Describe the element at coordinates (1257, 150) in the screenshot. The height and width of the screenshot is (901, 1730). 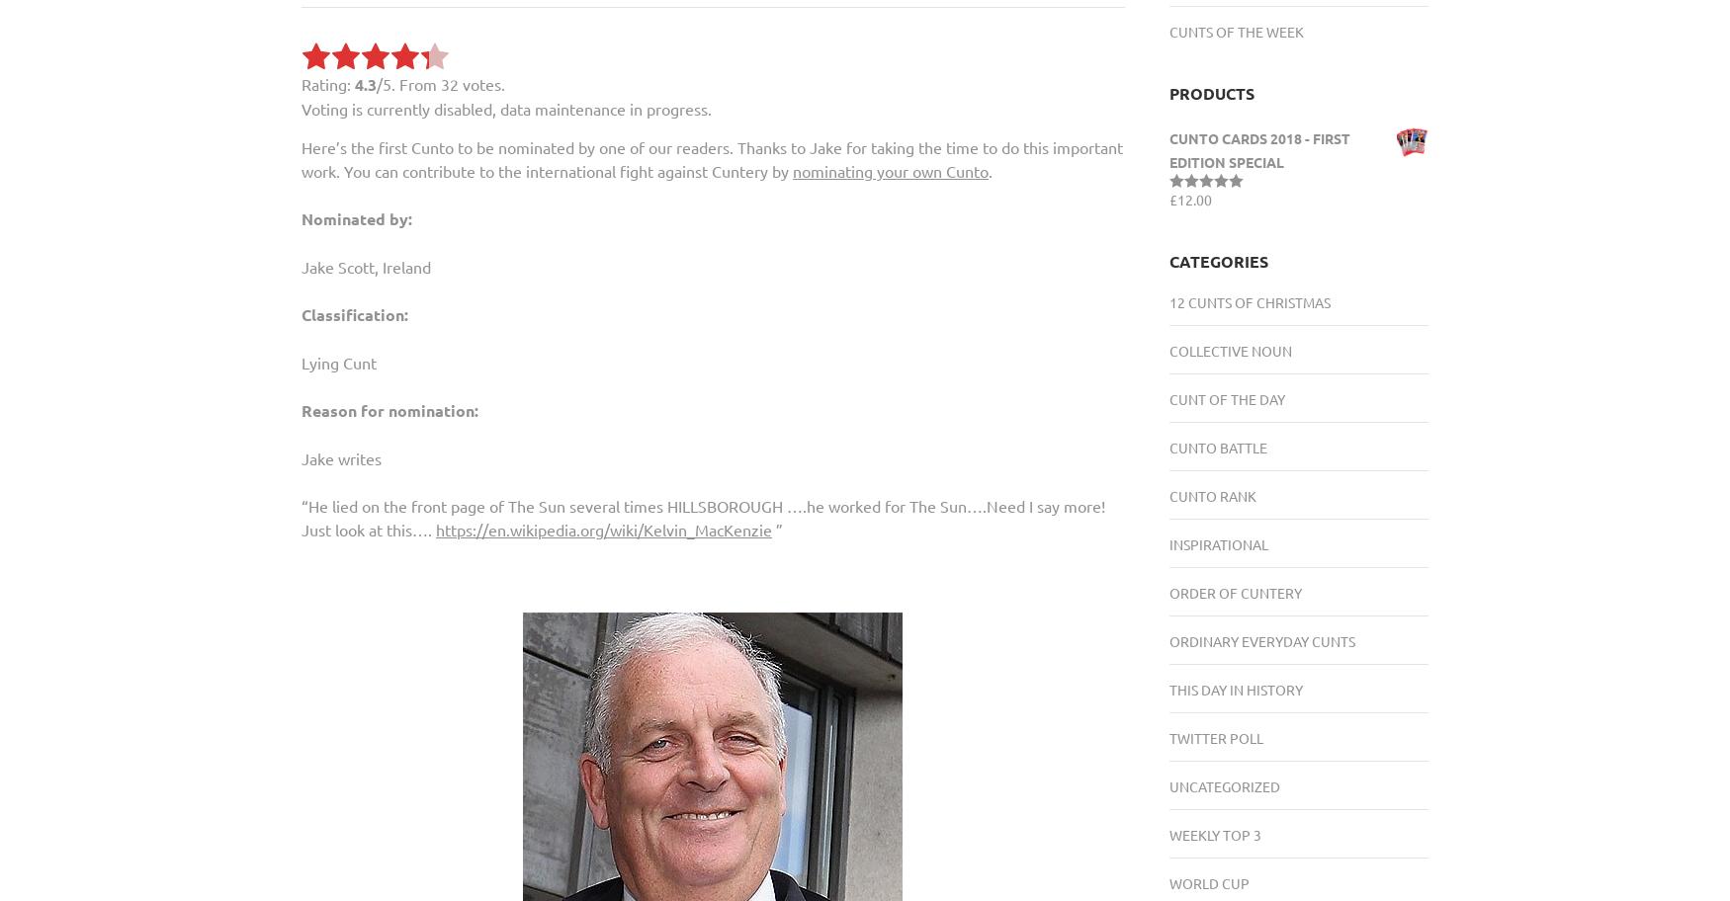
I see `'Cunto Cards 2018 - FIRST EDITION SPECIAL'` at that location.